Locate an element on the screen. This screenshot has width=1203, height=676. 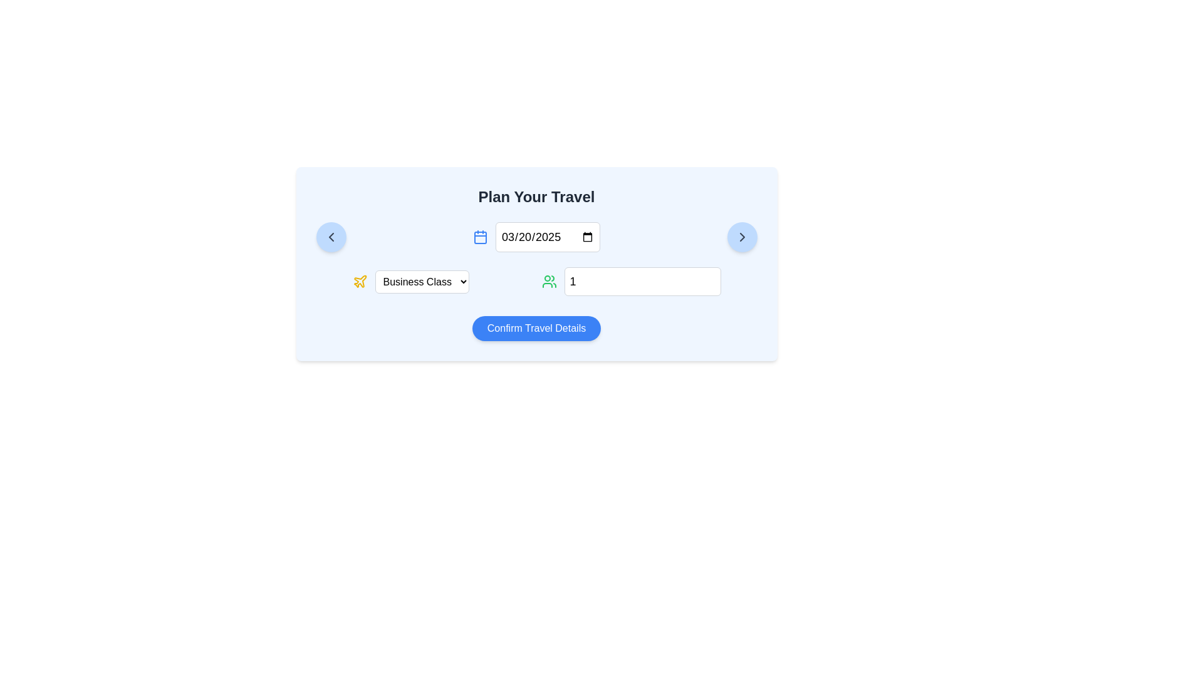
the icon depicting two user figures with green outlines, located to the left of the numeric input field is located at coordinates (549, 282).